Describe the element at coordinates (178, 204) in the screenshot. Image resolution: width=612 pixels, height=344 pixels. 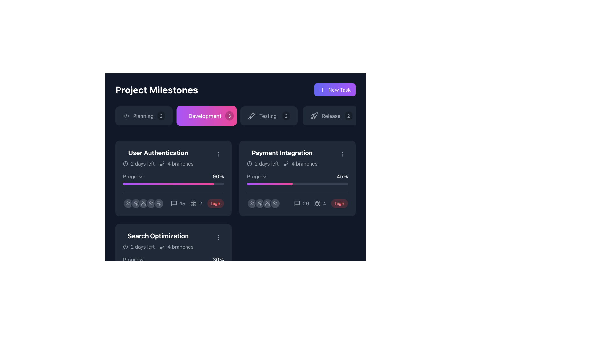
I see `the numeric label displaying '15' styled with a gray font color, which is adjacent to a speech bubble icon indicating it is associated with comments or messages` at that location.